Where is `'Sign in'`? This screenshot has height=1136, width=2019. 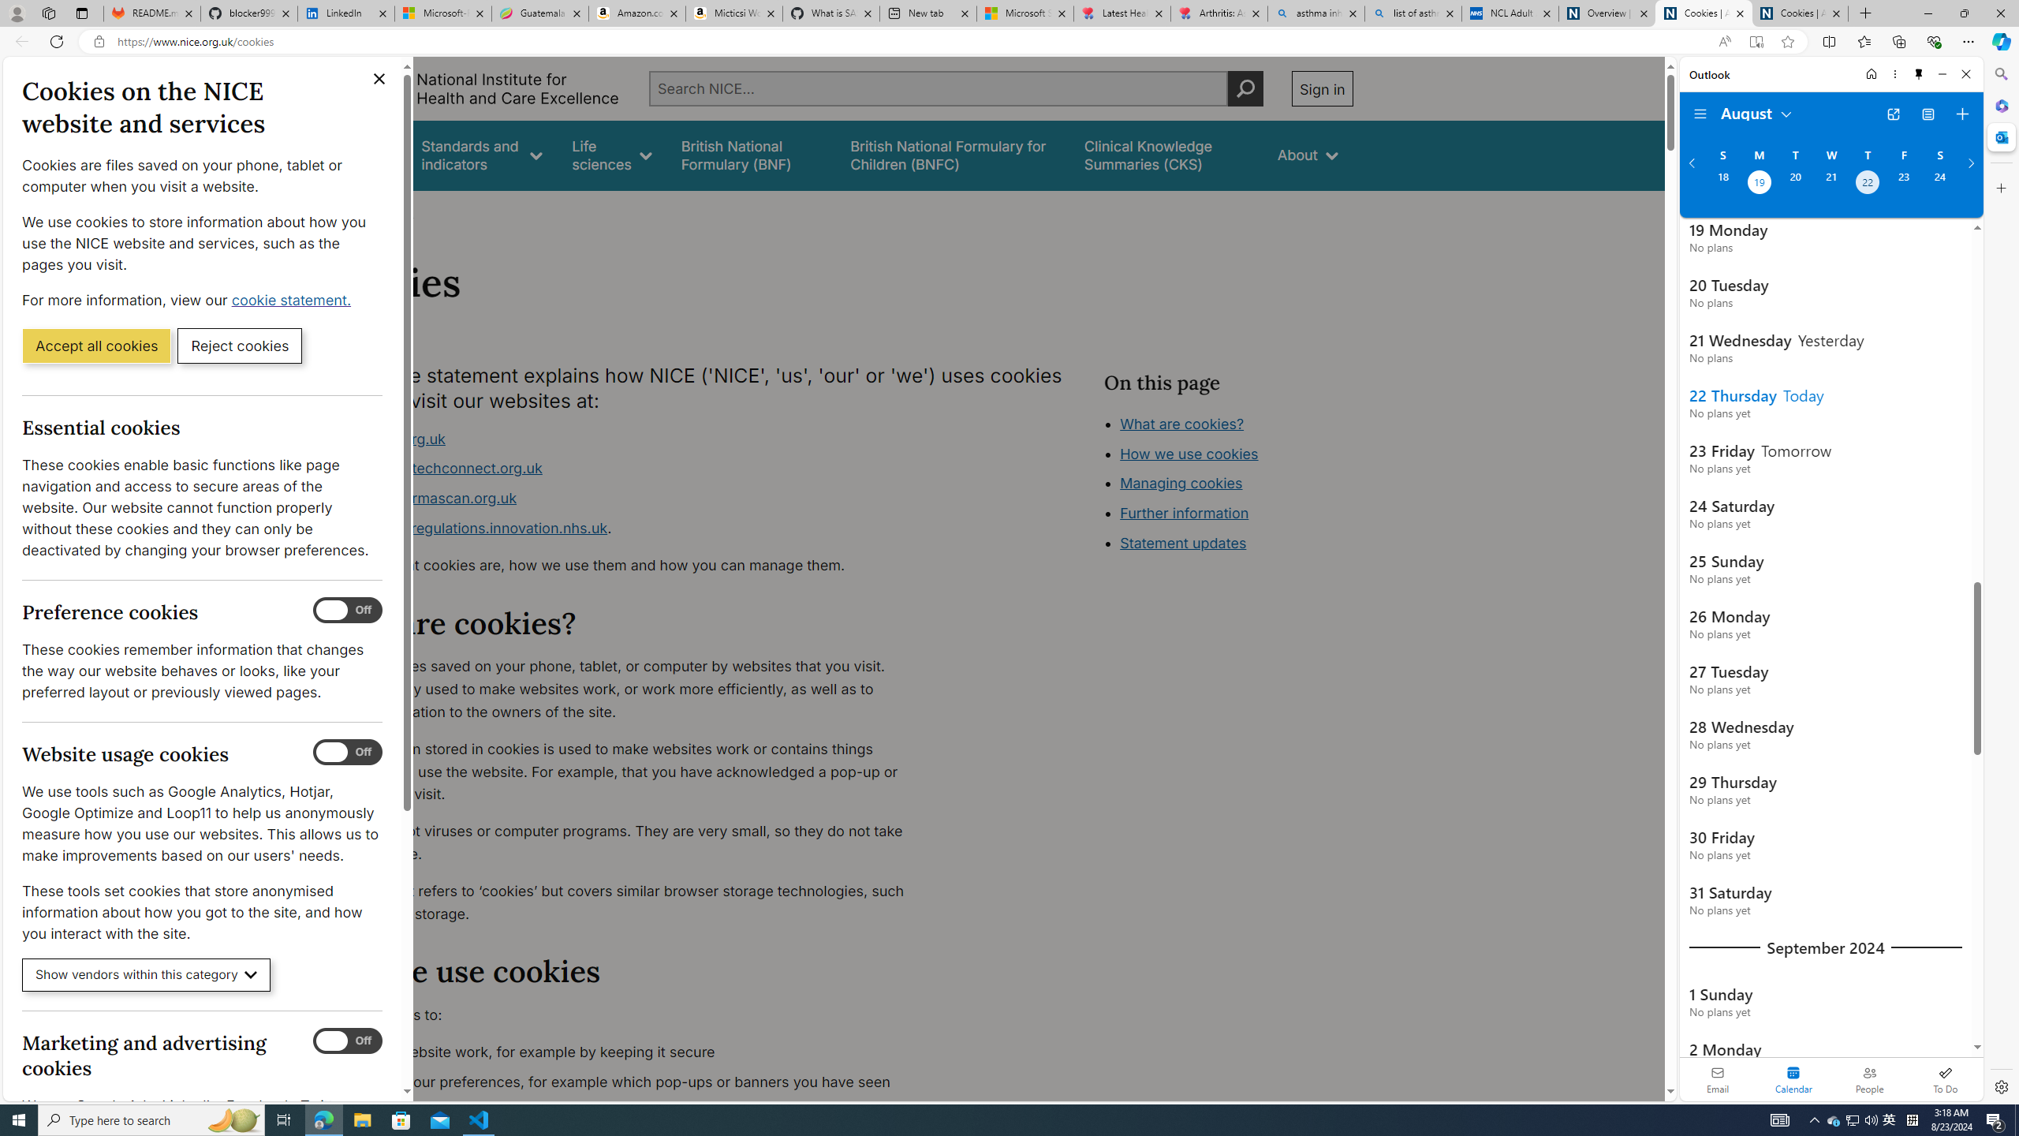 'Sign in' is located at coordinates (1321, 88).